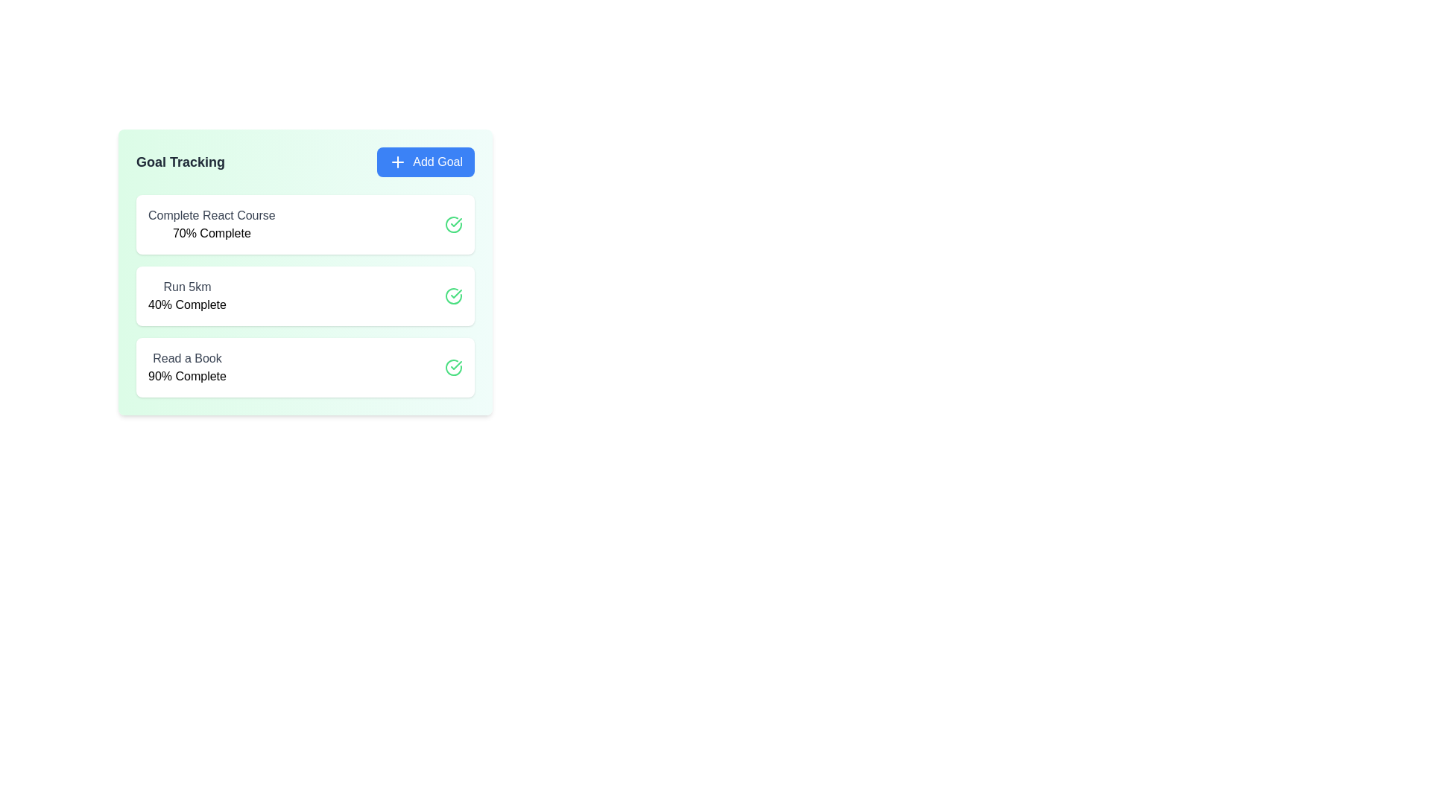 The image size is (1431, 804). Describe the element at coordinates (186, 359) in the screenshot. I see `the 'Read a Book' text label in the goal tracking section, which is styled with medium font-weight and gray color, located above the '90% Complete' progress indicator` at that location.